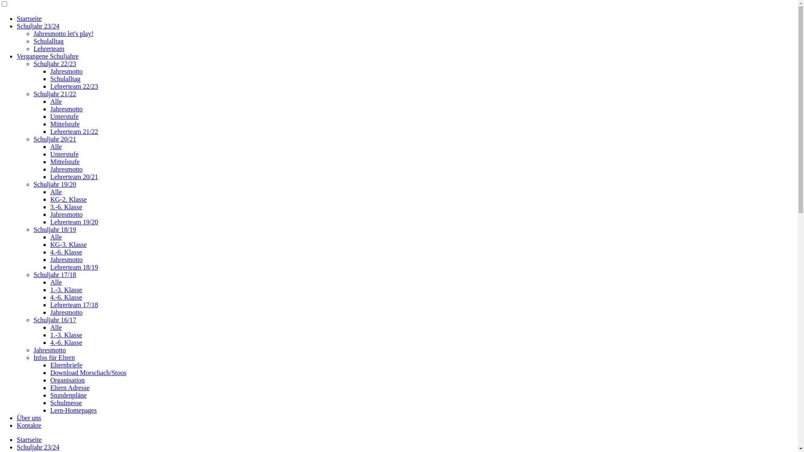  I want to click on 'Jahresmotto', so click(66, 108).